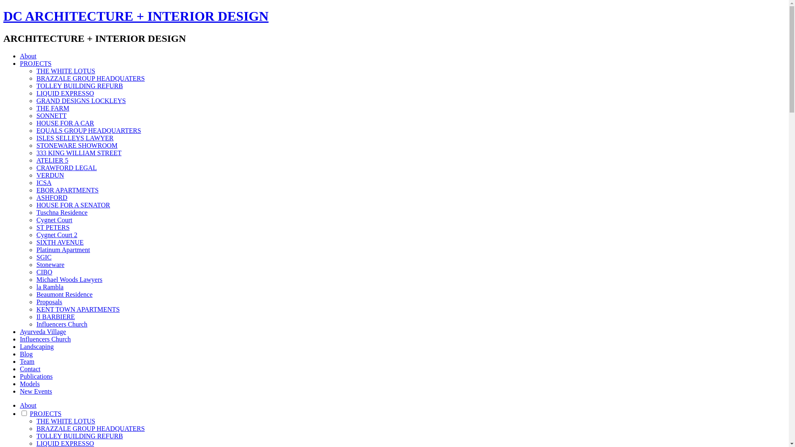  What do you see at coordinates (53, 227) in the screenshot?
I see `'ST PETERS'` at bounding box center [53, 227].